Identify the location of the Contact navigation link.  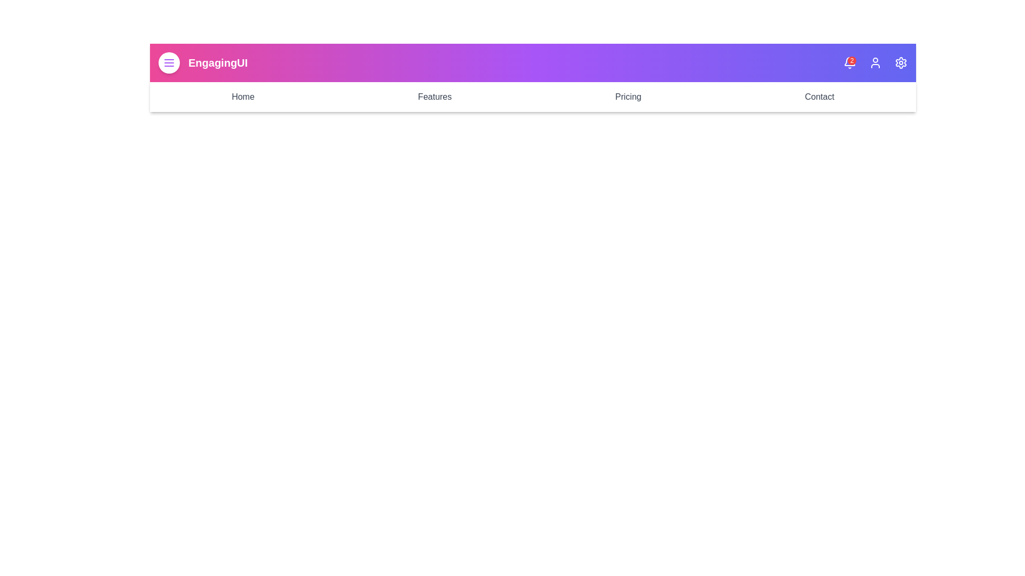
(819, 97).